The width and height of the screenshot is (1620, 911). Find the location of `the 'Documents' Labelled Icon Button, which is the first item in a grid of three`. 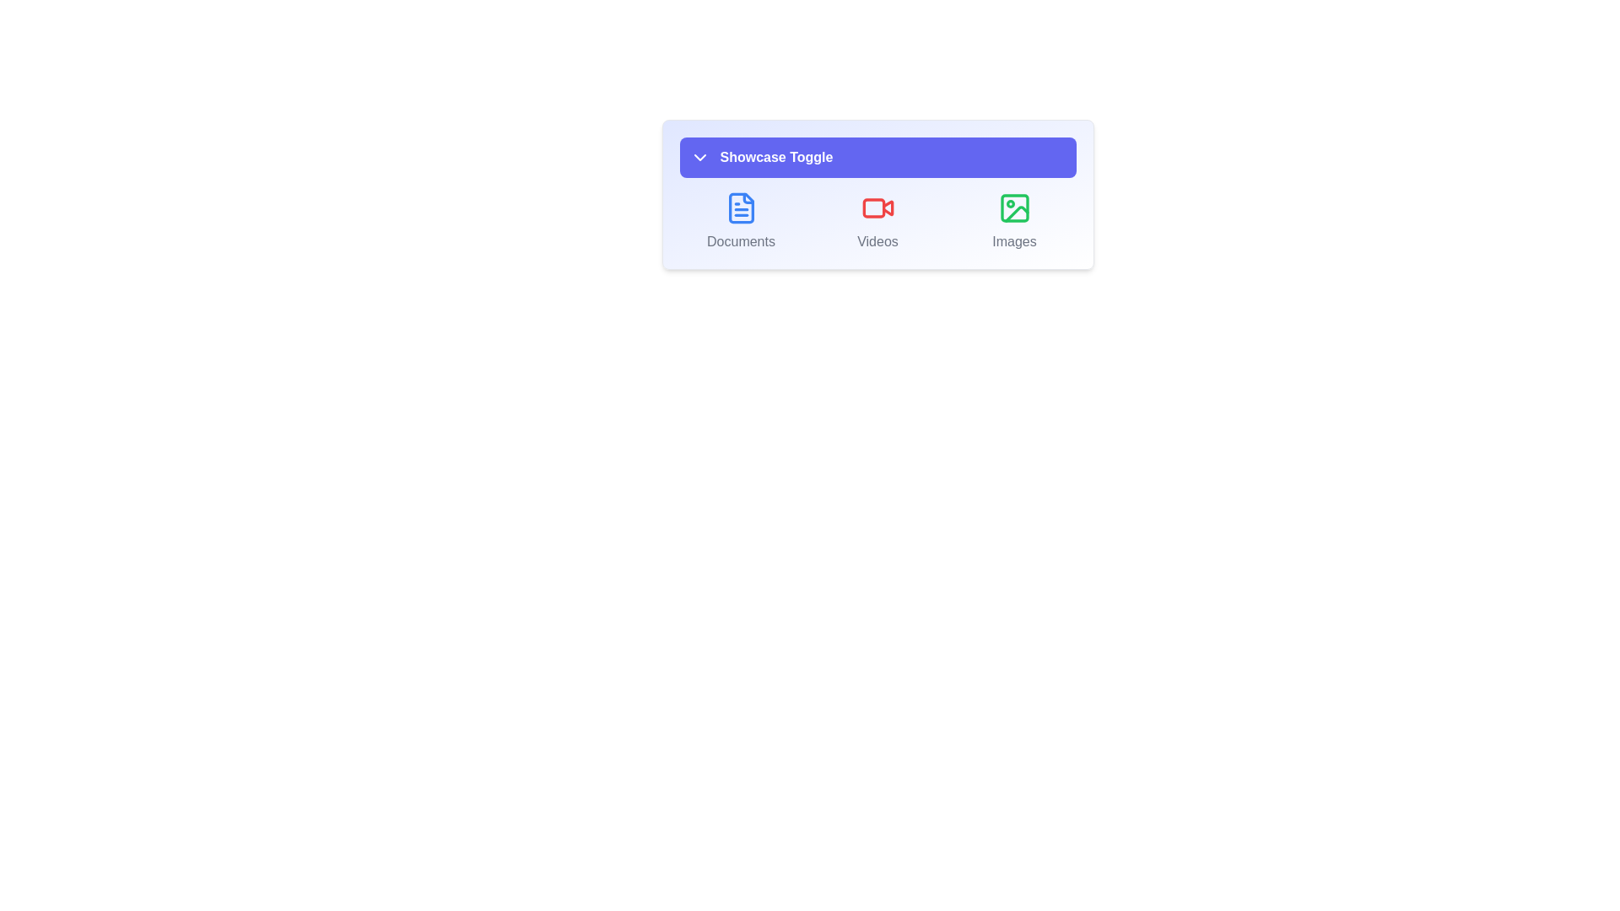

the 'Documents' Labelled Icon Button, which is the first item in a grid of three is located at coordinates (741, 220).